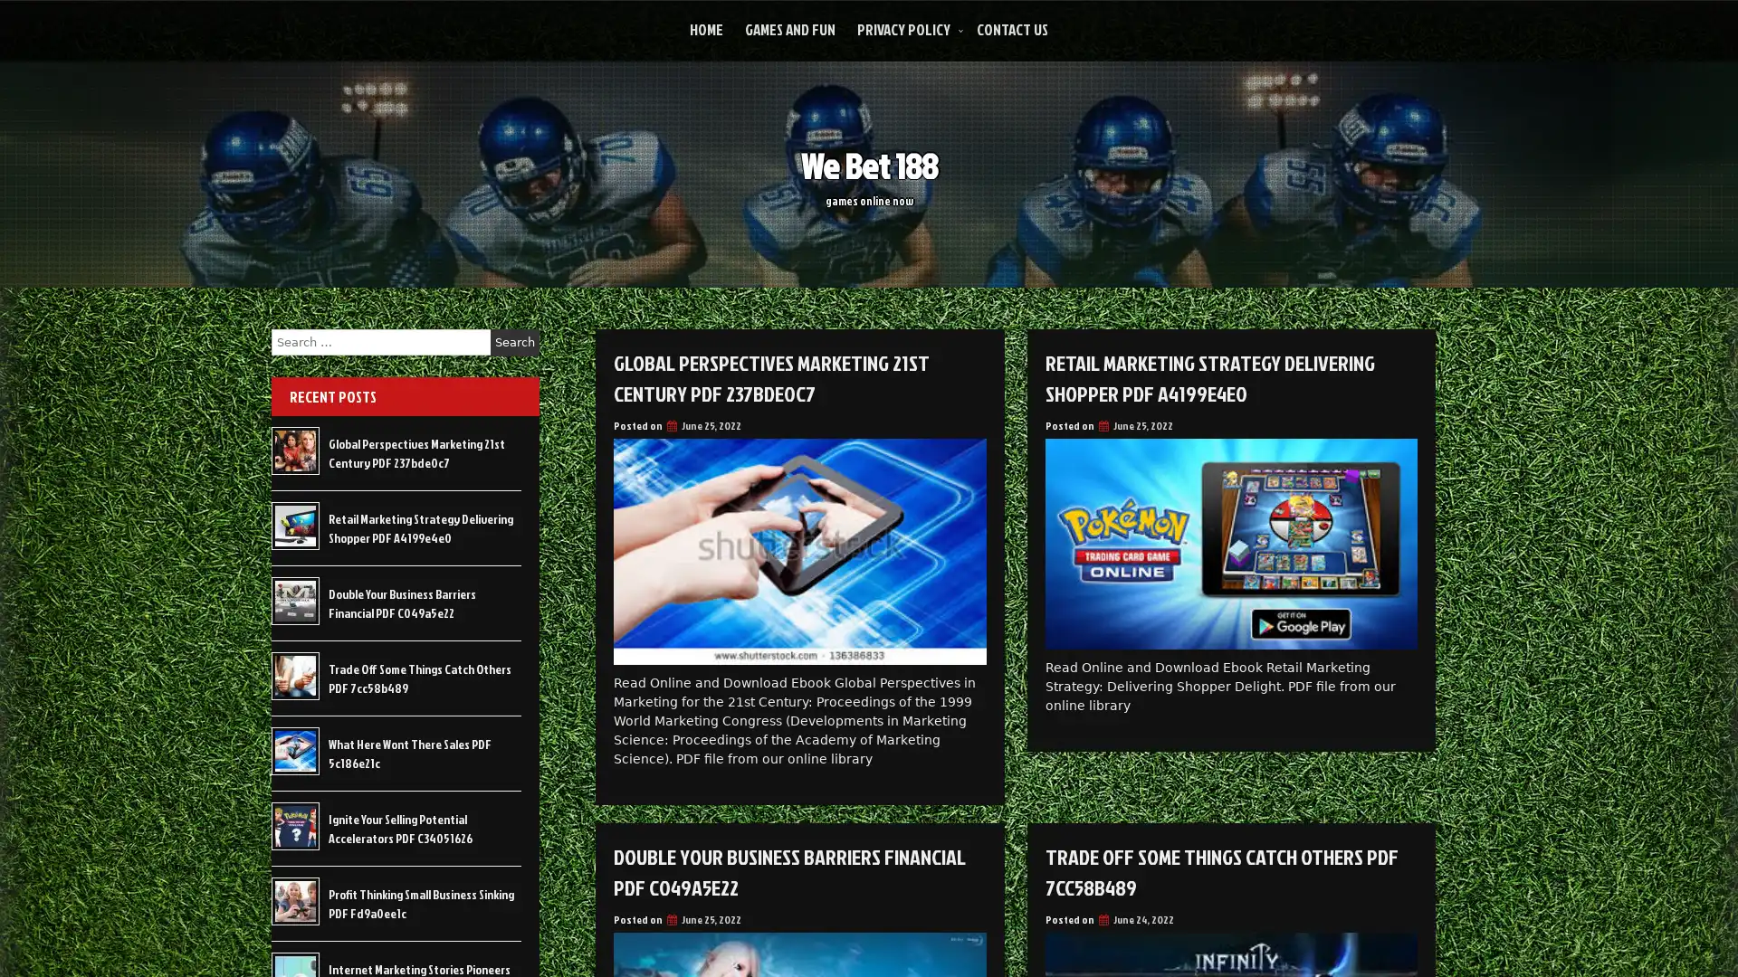  Describe the element at coordinates (514, 342) in the screenshot. I see `Search` at that location.